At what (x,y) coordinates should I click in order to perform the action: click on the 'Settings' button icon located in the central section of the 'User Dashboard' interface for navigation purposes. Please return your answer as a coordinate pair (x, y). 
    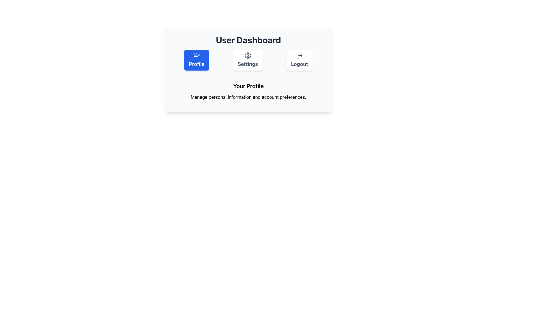
    Looking at the image, I should click on (248, 55).